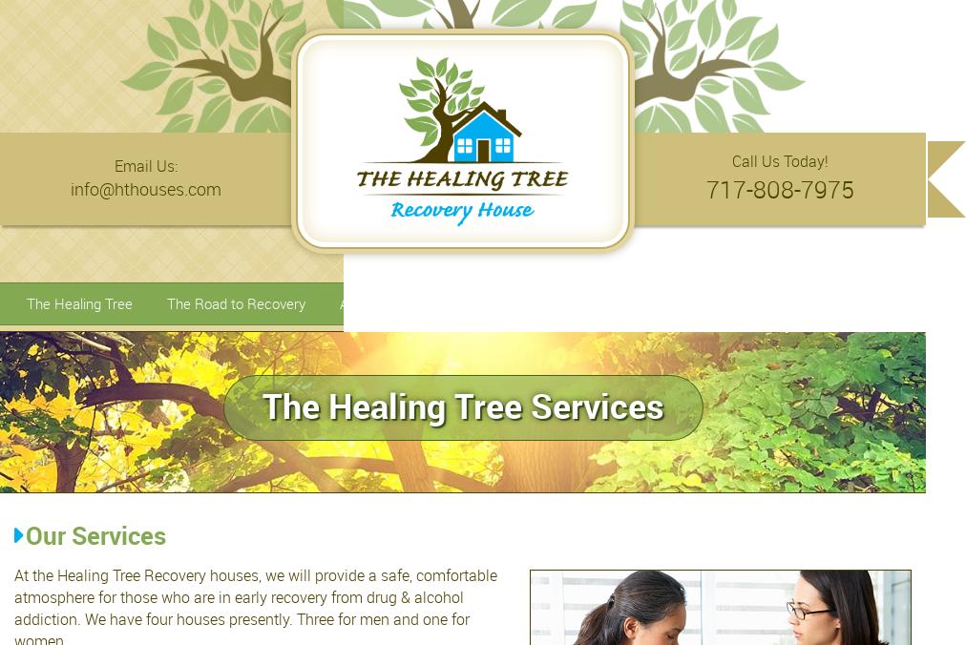 This screenshot has width=966, height=645. Describe the element at coordinates (779, 161) in the screenshot. I see `'Call Us Today!'` at that location.